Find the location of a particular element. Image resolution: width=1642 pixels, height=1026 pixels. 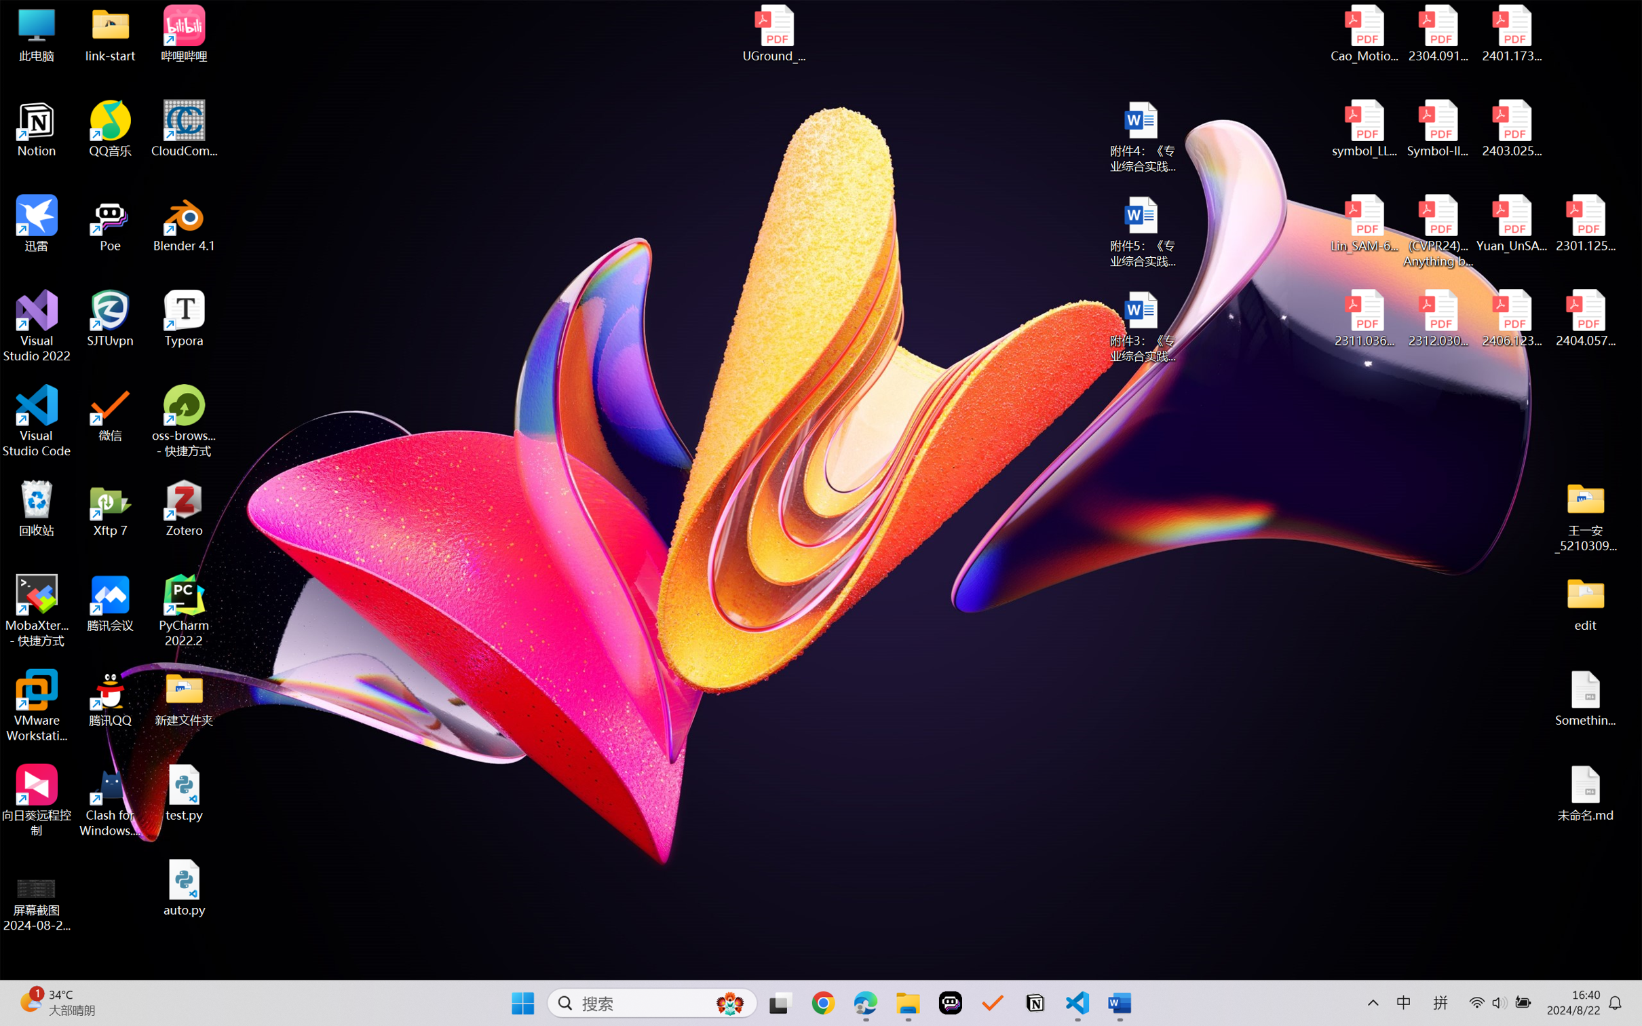

'2312.03032v2.pdf' is located at coordinates (1437, 318).